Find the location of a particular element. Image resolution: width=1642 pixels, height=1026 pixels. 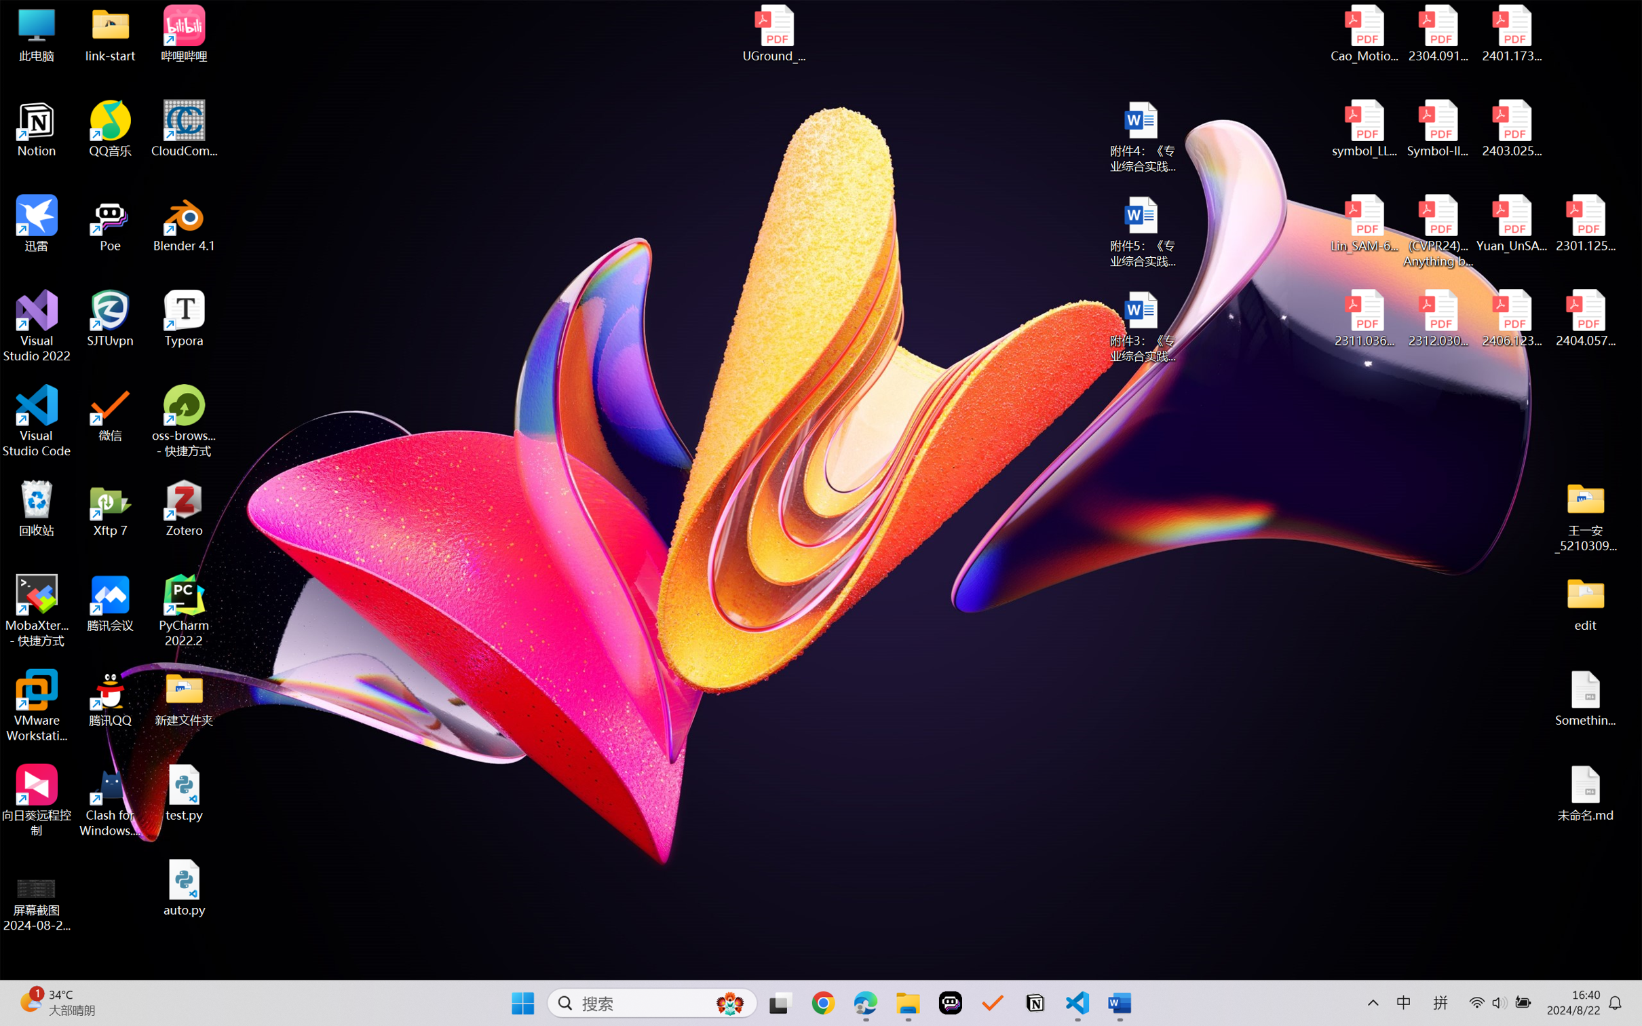

'2312.03032v2.pdf' is located at coordinates (1437, 318).